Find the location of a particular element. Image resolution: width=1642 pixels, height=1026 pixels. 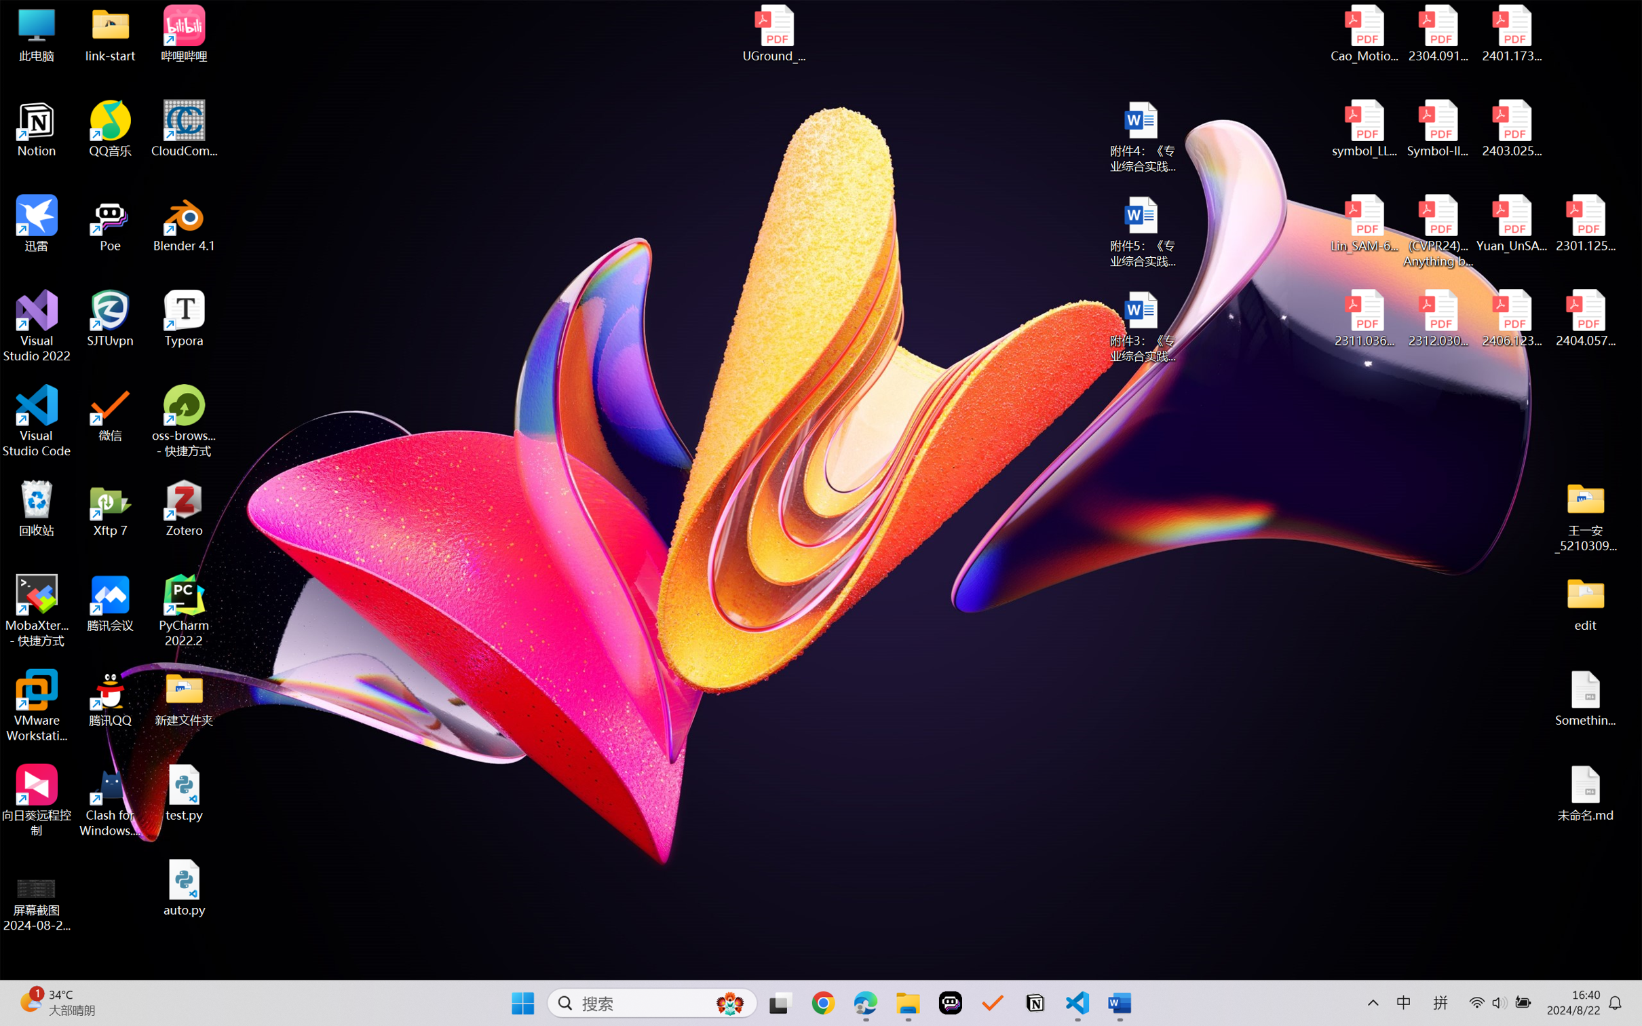

'2312.03032v2.pdf' is located at coordinates (1437, 318).